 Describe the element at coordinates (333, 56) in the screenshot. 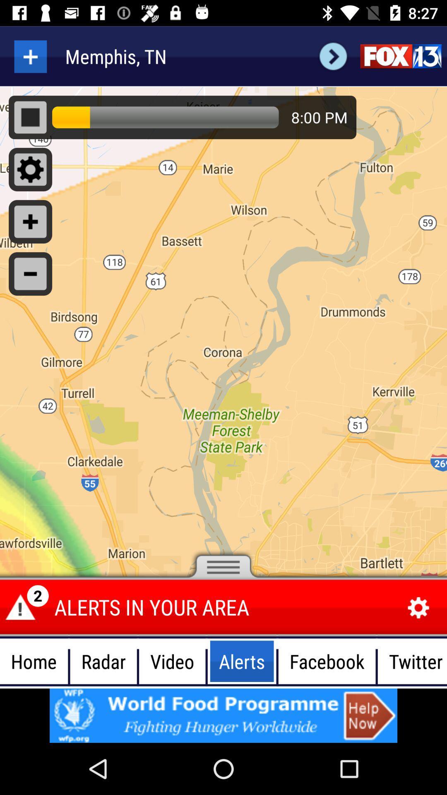

I see `the arrow_forward icon` at that location.